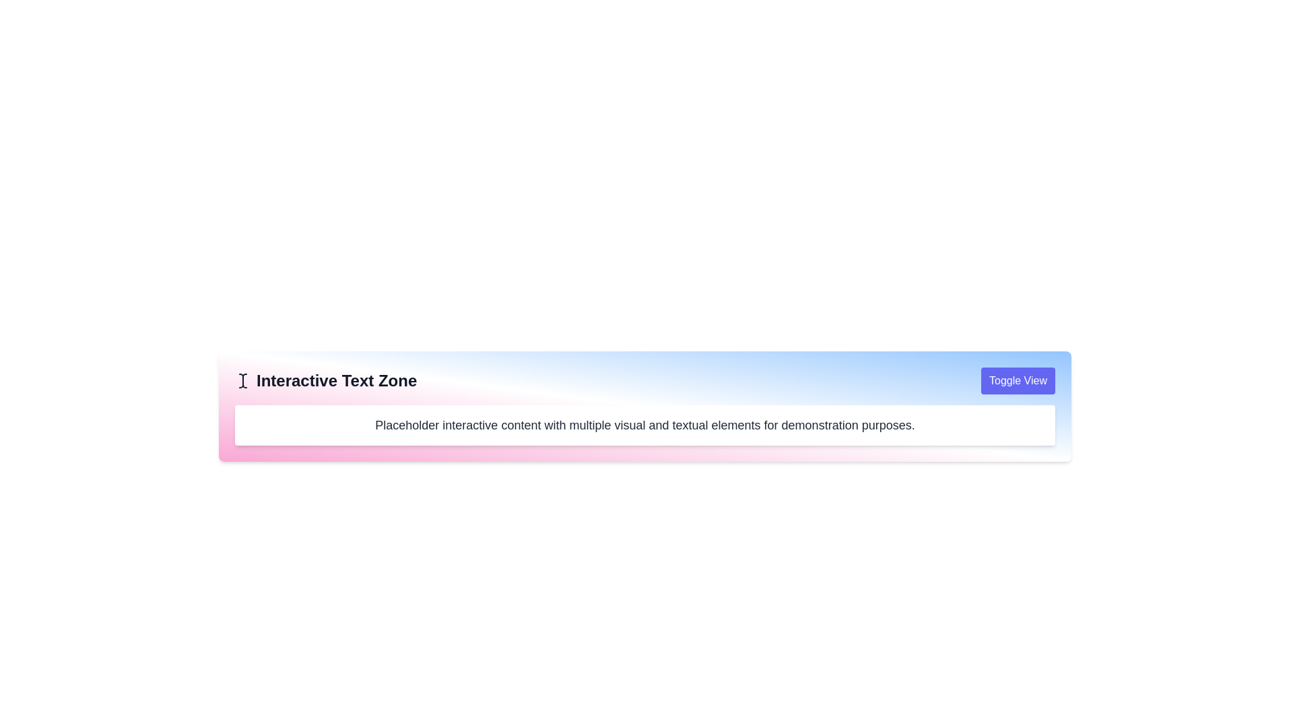 This screenshot has height=727, width=1293. Describe the element at coordinates (242, 381) in the screenshot. I see `the SVG icon representing a text cursor, which is located to the very left of the text 'Interactive Text Zone'` at that location.